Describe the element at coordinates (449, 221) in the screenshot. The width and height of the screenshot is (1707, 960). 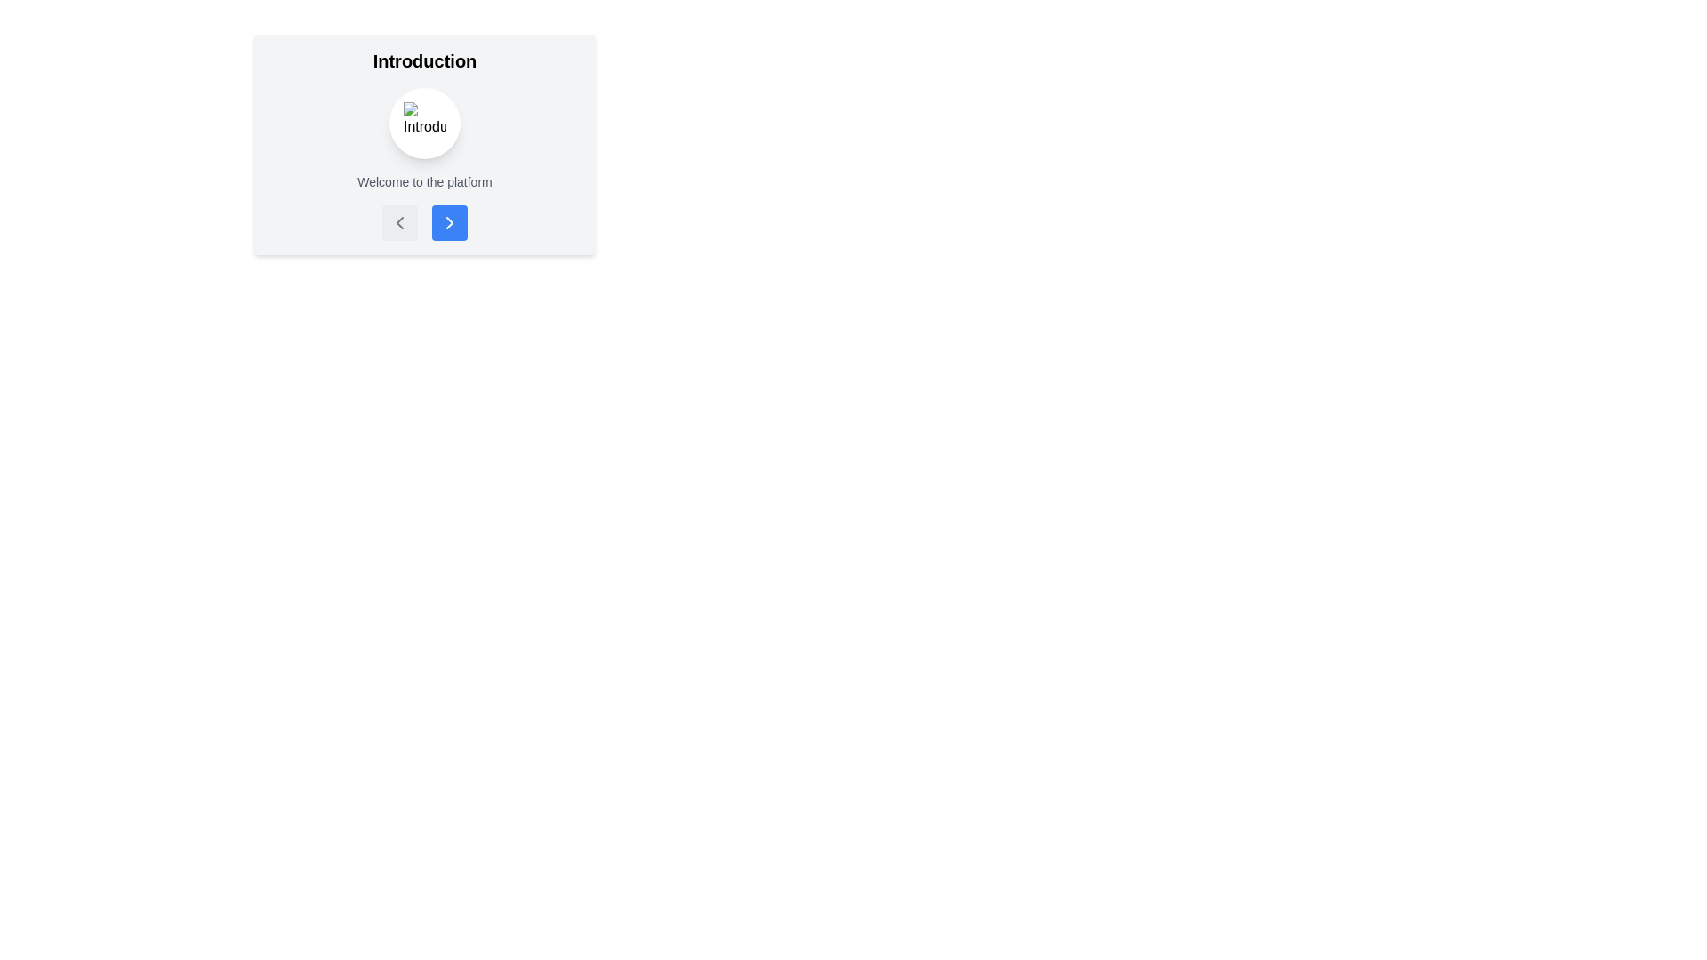
I see `the navigation button located at the rightmost end of the button group below the 'Introduction' title` at that location.